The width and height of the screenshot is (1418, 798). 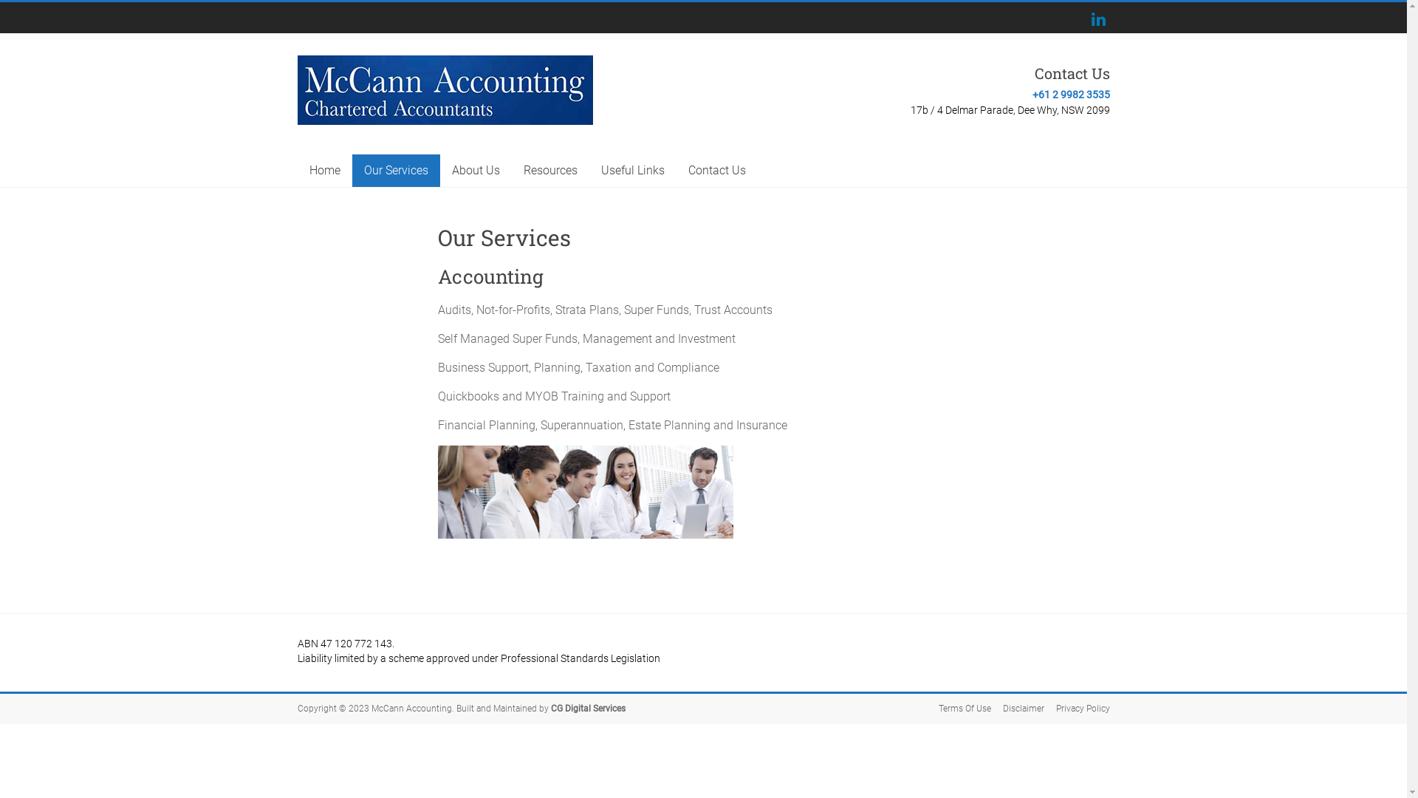 What do you see at coordinates (296, 170) in the screenshot?
I see `'Home'` at bounding box center [296, 170].